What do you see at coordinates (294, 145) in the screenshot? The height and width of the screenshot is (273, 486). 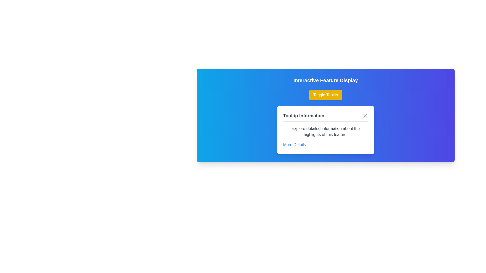 I see `the 'More Details' hyperlink styled with blue font and underlined, located in the lower-left corner of the tooltip box via keyboard navigation` at bounding box center [294, 145].